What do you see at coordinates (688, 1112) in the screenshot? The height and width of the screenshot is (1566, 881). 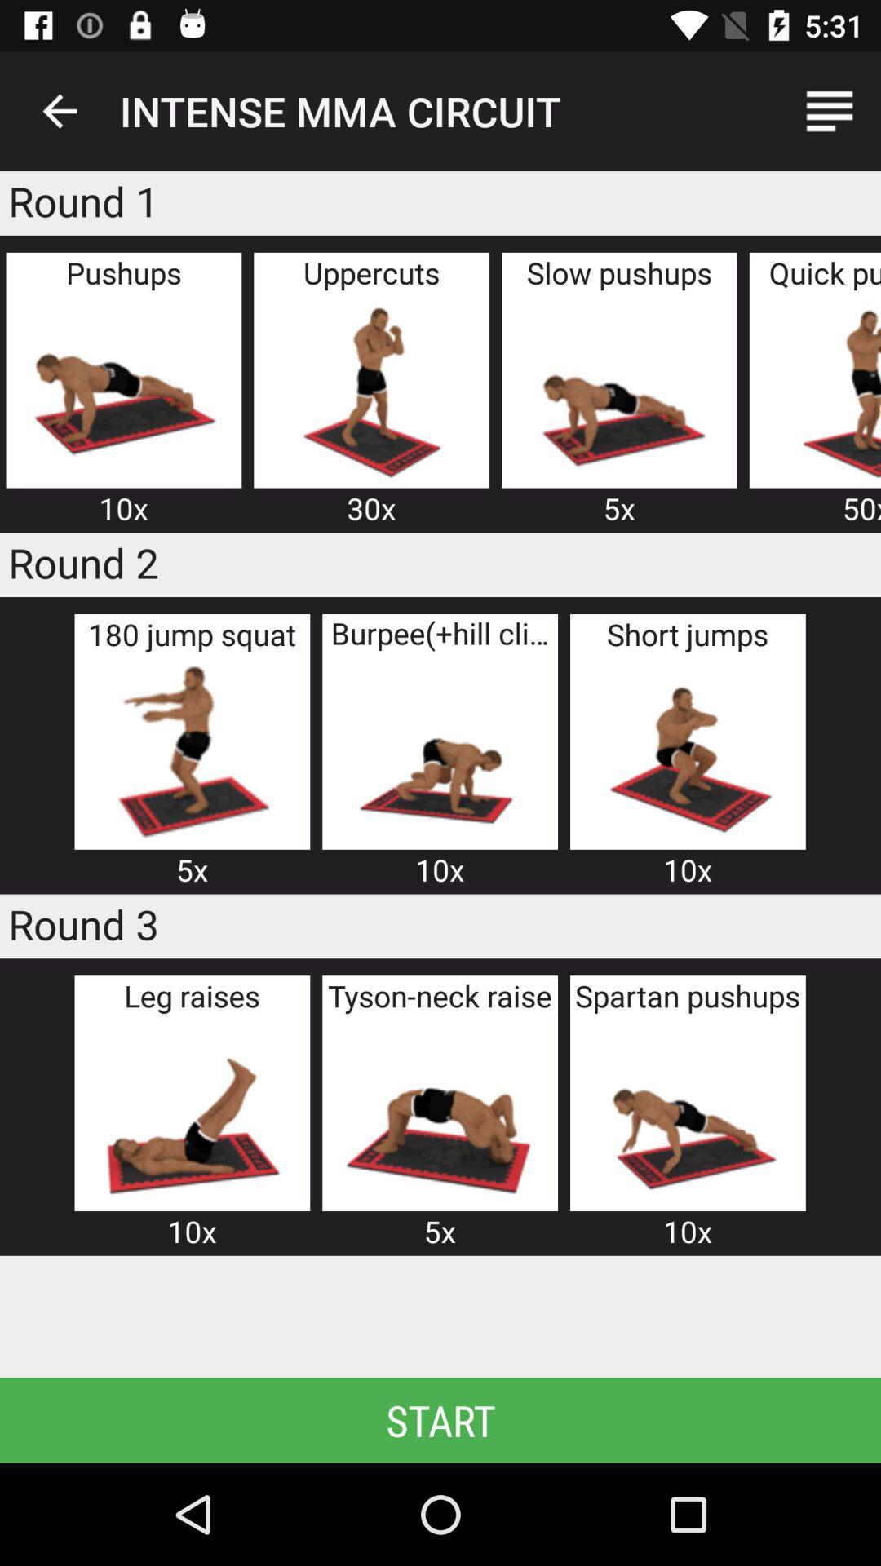 I see `spartan pushups exercise` at bounding box center [688, 1112].